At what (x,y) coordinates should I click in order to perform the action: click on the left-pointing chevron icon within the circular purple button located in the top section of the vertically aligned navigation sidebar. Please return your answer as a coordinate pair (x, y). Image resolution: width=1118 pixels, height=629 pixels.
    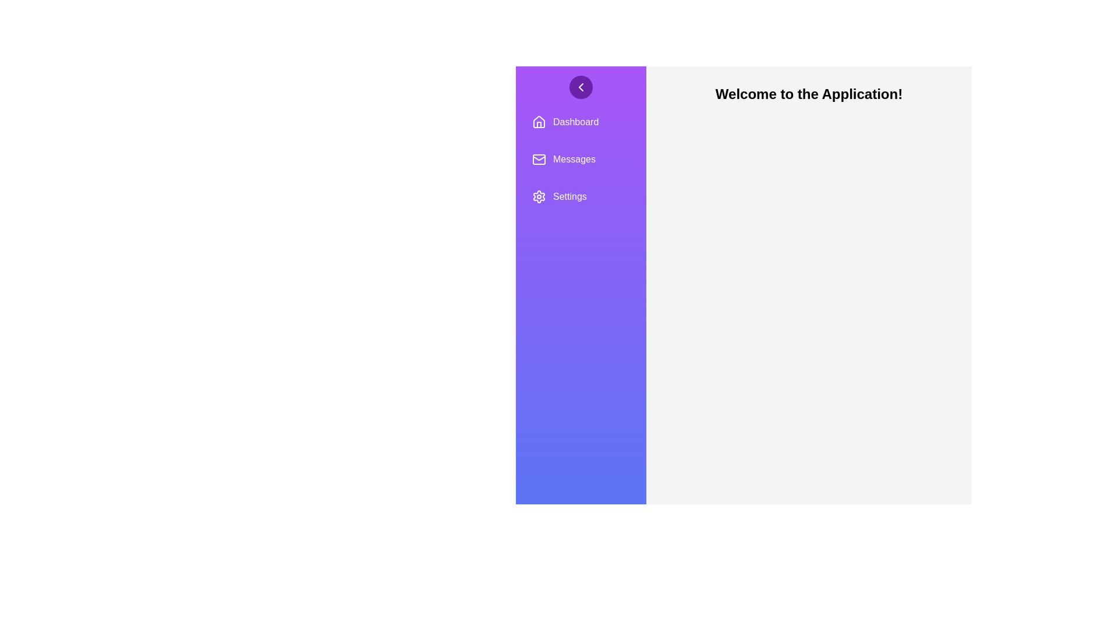
    Looking at the image, I should click on (581, 87).